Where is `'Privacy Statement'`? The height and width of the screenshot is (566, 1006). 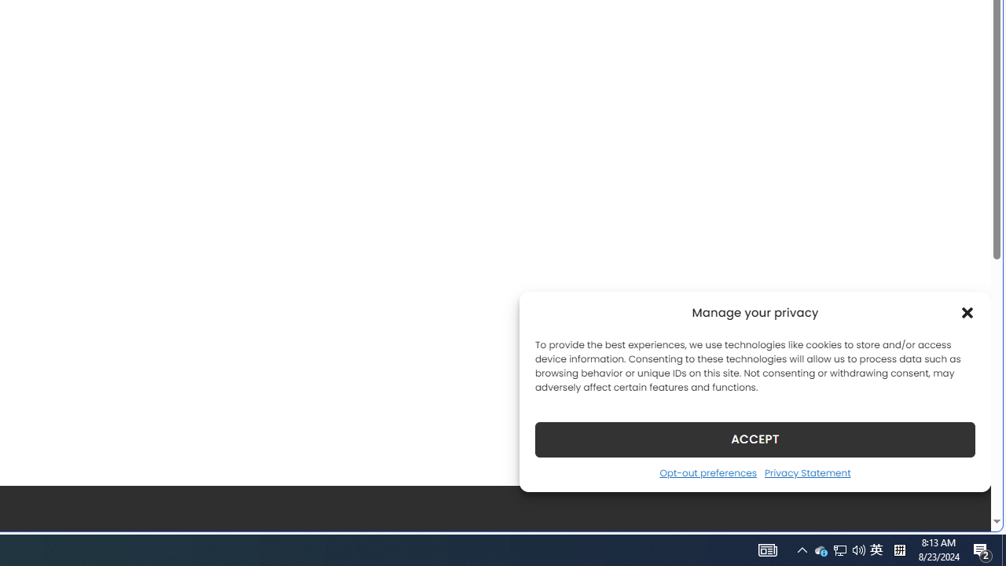 'Privacy Statement' is located at coordinates (807, 472).